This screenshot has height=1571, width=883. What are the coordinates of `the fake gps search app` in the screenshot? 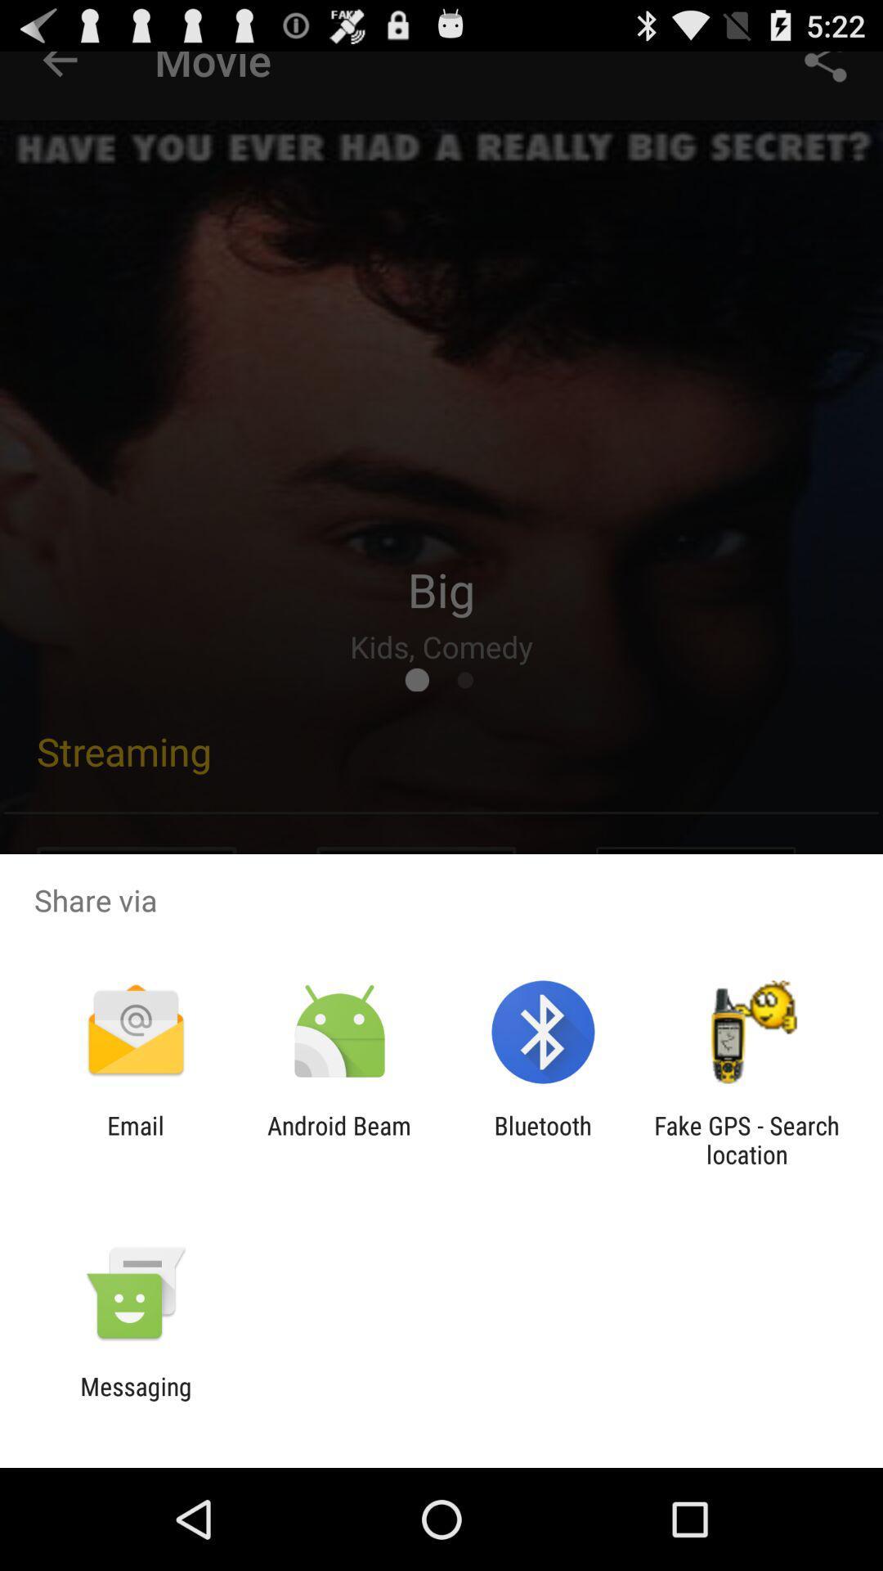 It's located at (746, 1139).